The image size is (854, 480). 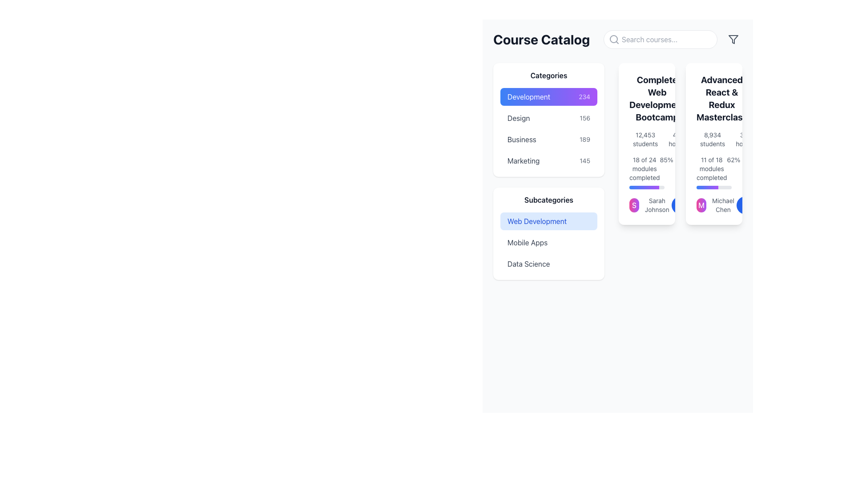 What do you see at coordinates (585, 118) in the screenshot?
I see `the numerical value text associated with the 'Design' category located in the upper region of the 'Categories' section` at bounding box center [585, 118].